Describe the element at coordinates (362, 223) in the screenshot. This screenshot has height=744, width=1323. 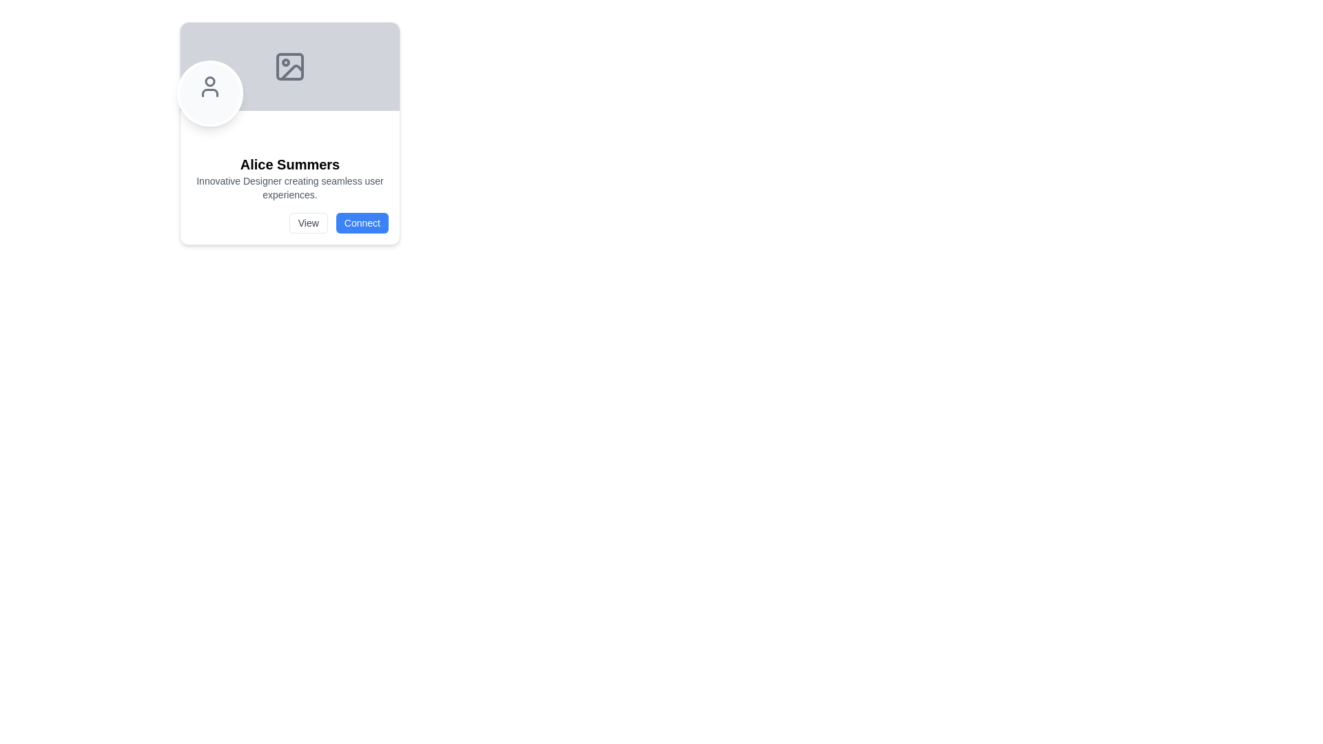
I see `the 'Connect' button, which is a rectangular button with a blue background and white text, located immediately to the right of the 'View' button at the bottom-right of the profile card interface` at that location.